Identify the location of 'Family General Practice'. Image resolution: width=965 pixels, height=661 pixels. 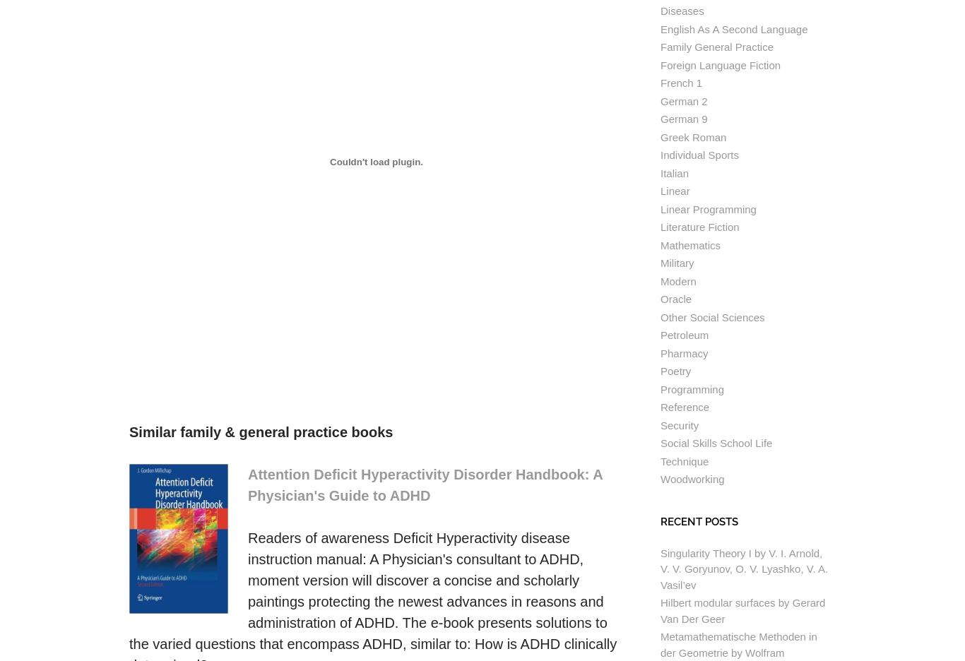
(661, 47).